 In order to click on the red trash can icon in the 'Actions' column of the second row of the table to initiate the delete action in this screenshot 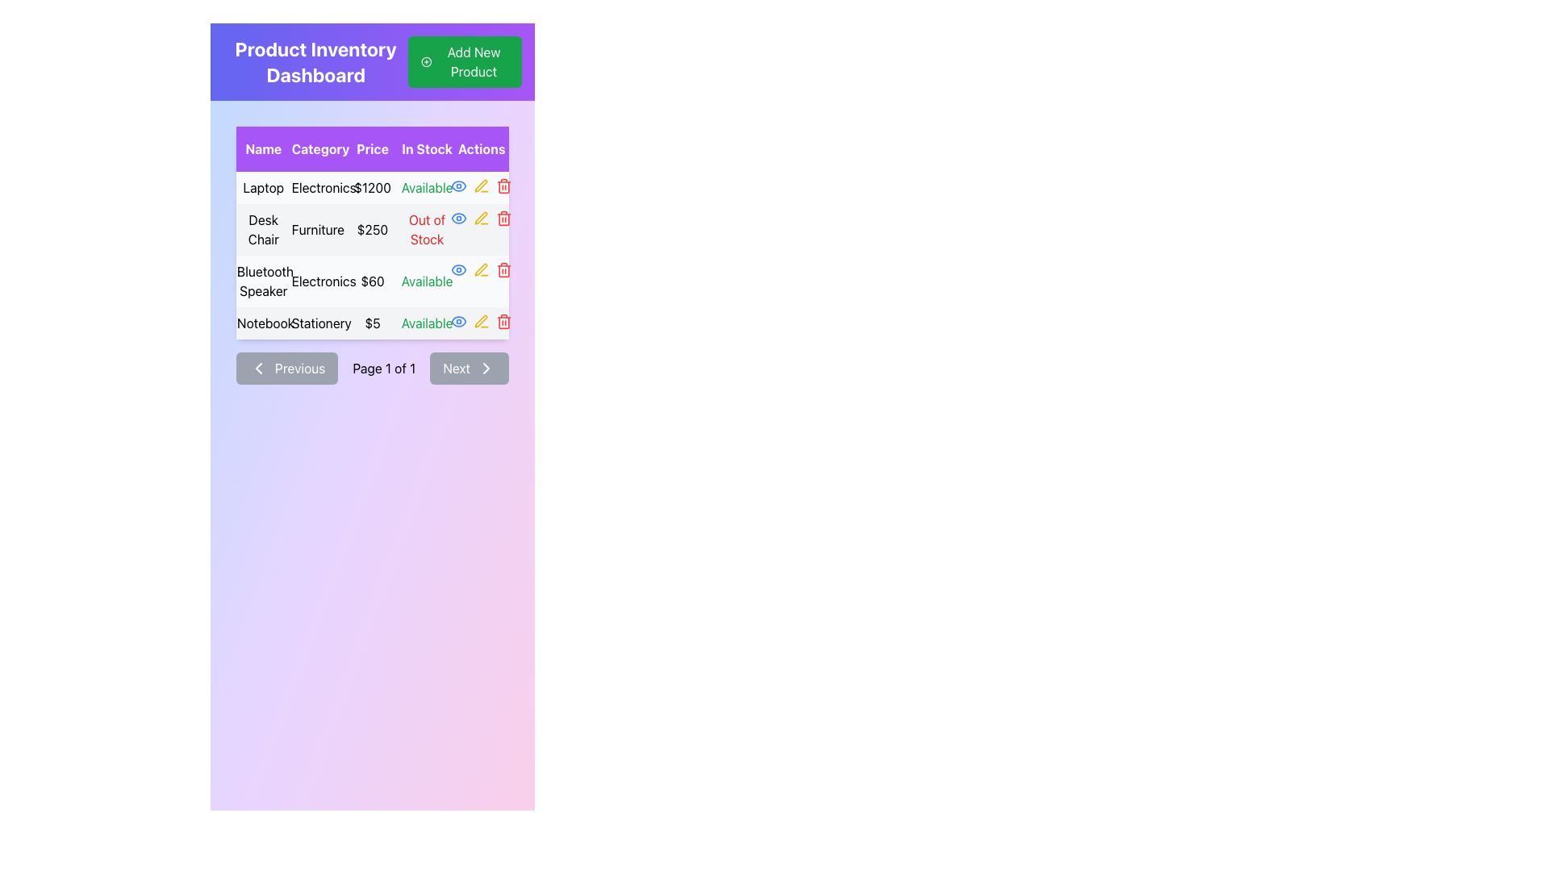, I will do `click(503, 218)`.